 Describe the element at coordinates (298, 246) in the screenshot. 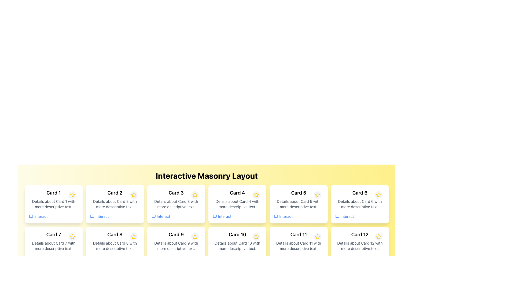

I see `descriptive content of 'Card 11', which is the eleventh card in a grid layout, positioned centrally with 'Card 10' to its left and 'Card 12' to its right` at that location.